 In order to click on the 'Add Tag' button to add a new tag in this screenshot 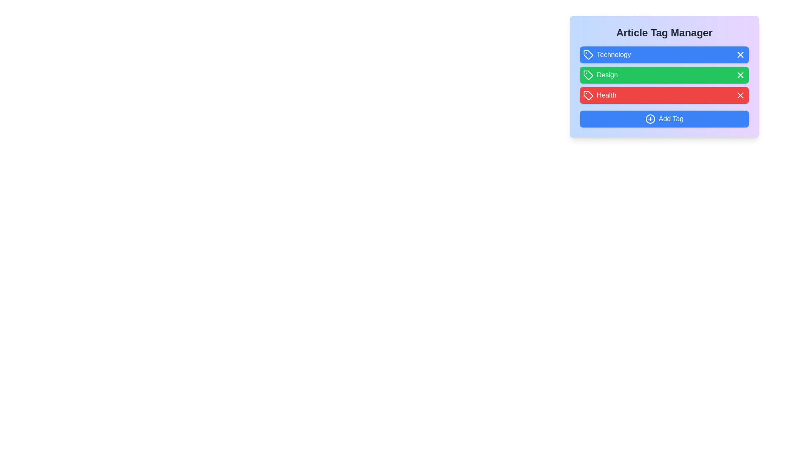, I will do `click(664, 119)`.